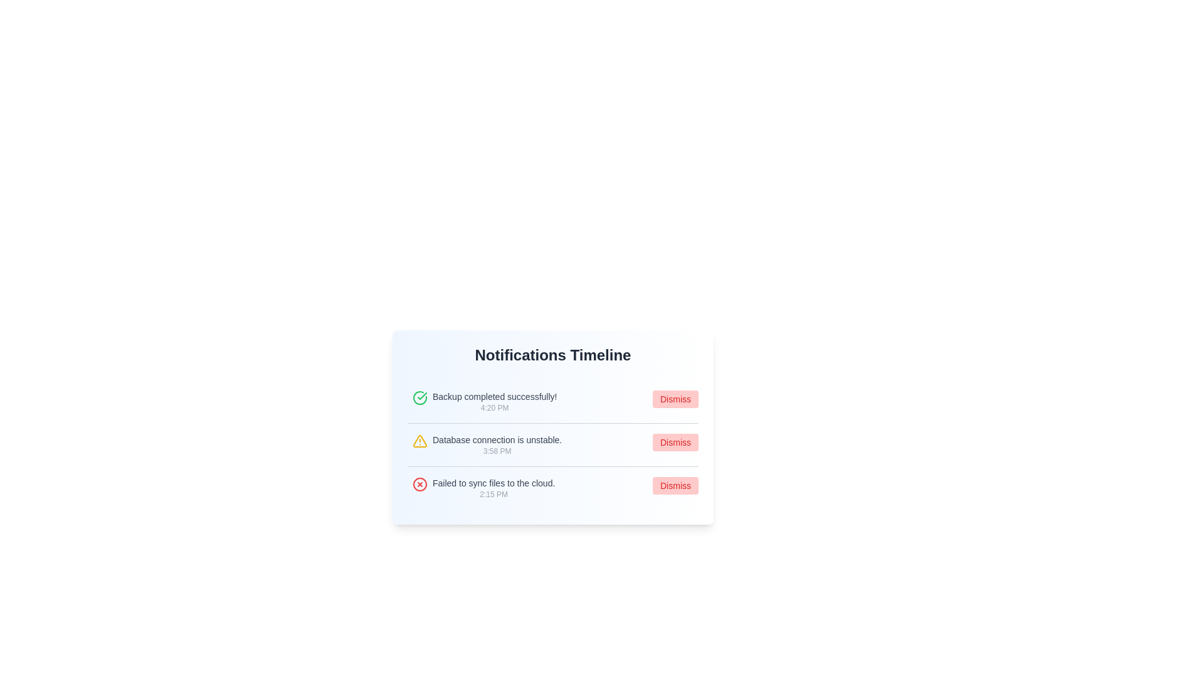 This screenshot has height=677, width=1204. What do you see at coordinates (497, 439) in the screenshot?
I see `the static text notification displaying 'Database connection is unstable.' which is positioned in the notifications list as the second item, above the timestamp '3:58 PM'` at bounding box center [497, 439].